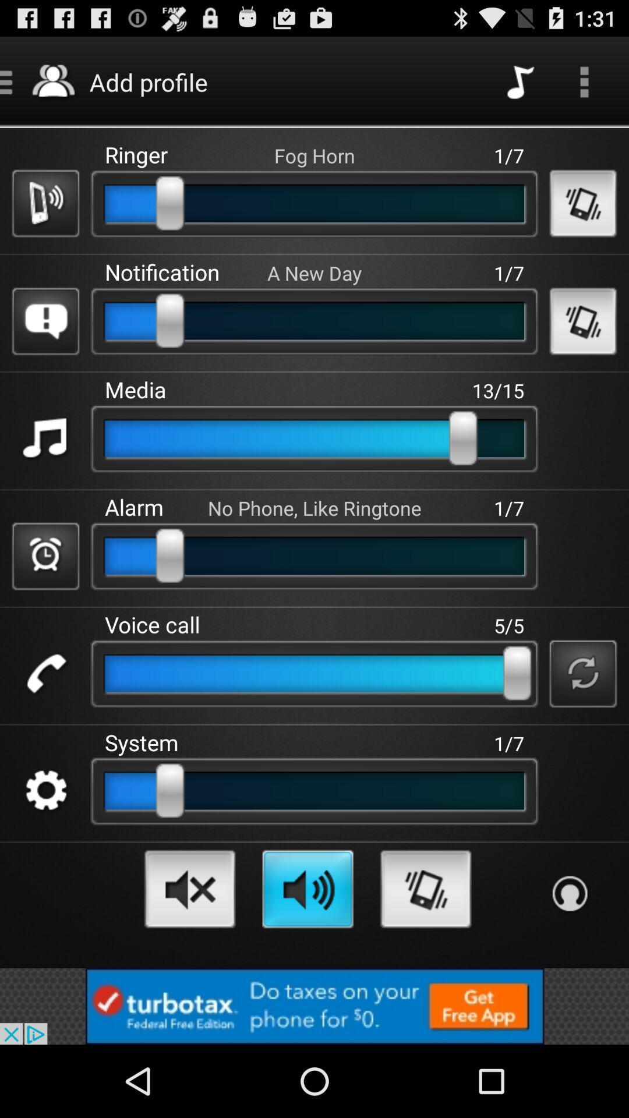 This screenshot has width=629, height=1118. What do you see at coordinates (584, 81) in the screenshot?
I see `see options` at bounding box center [584, 81].